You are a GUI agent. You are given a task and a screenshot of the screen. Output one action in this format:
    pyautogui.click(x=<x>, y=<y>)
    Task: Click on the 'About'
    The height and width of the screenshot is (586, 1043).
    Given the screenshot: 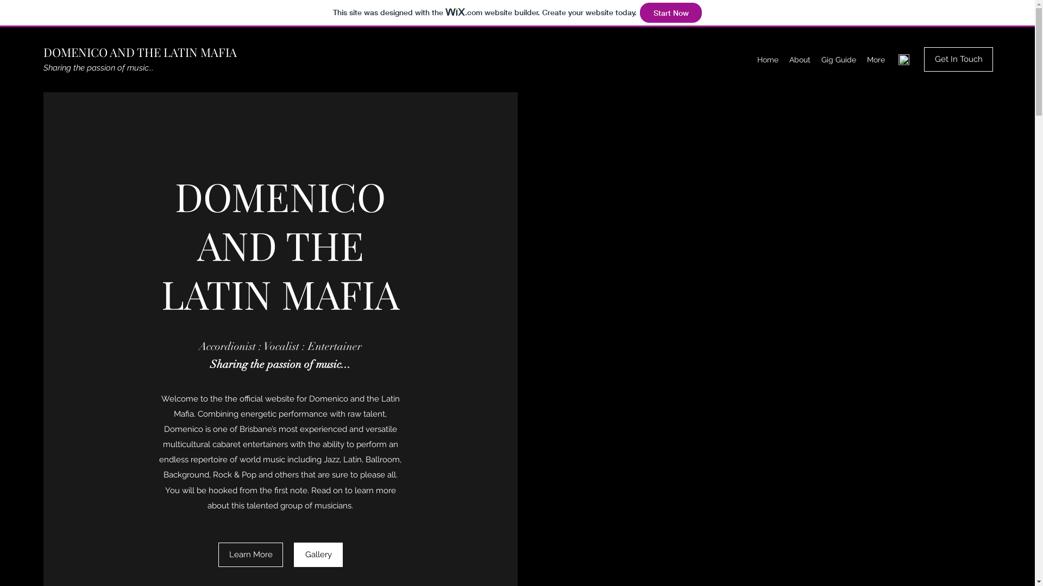 What is the action you would take?
    pyautogui.click(x=784, y=60)
    